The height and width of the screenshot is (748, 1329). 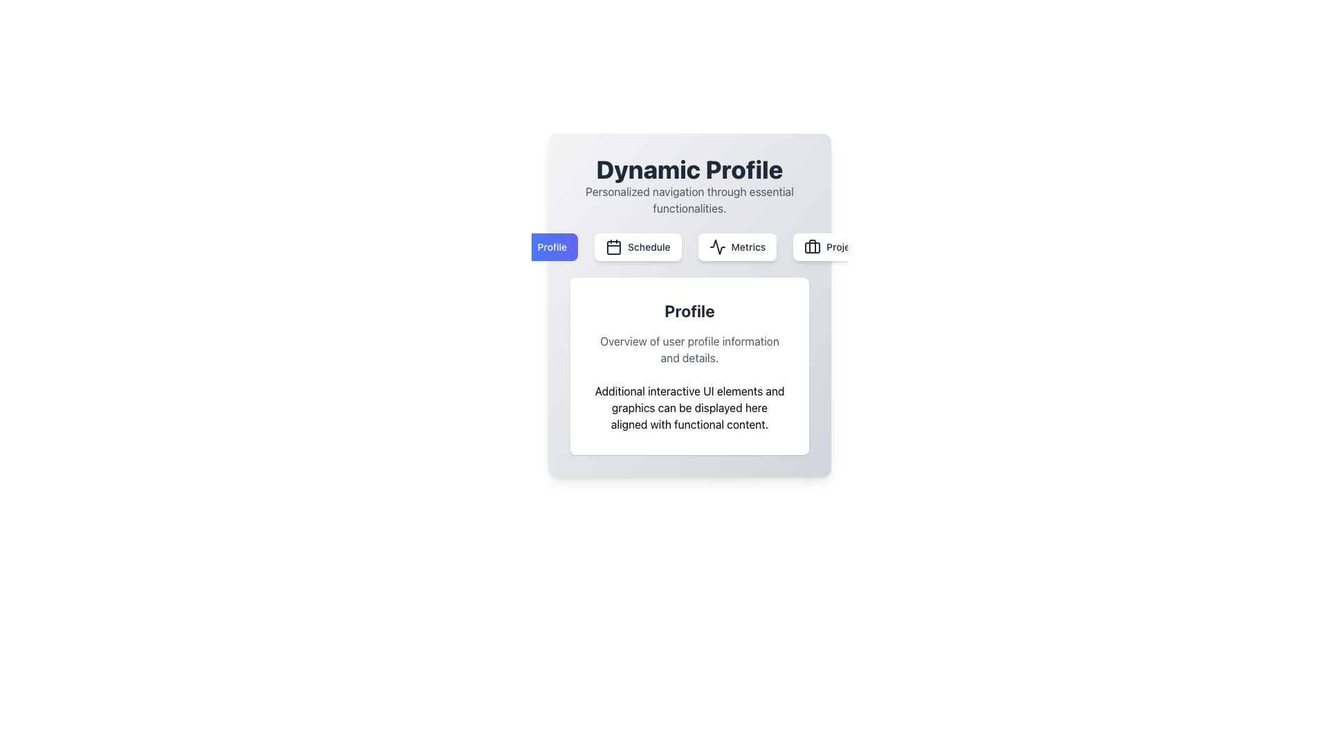 I want to click on the line-based chart icon within the square button located in the horizontal navigation bar of the 'Dynamic Profile' content card, so click(x=717, y=247).